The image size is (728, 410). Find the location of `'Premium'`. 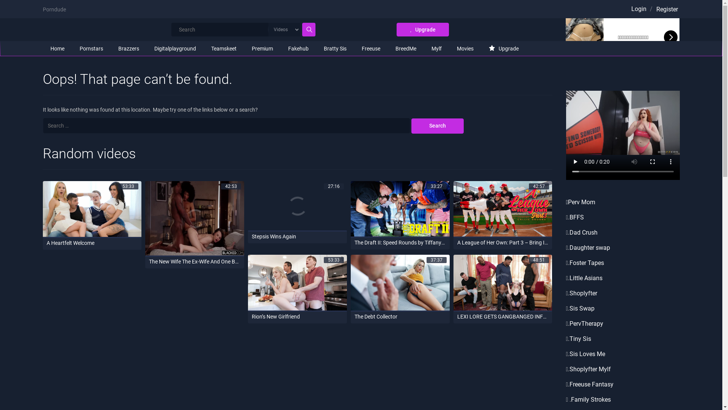

'Premium' is located at coordinates (262, 48).